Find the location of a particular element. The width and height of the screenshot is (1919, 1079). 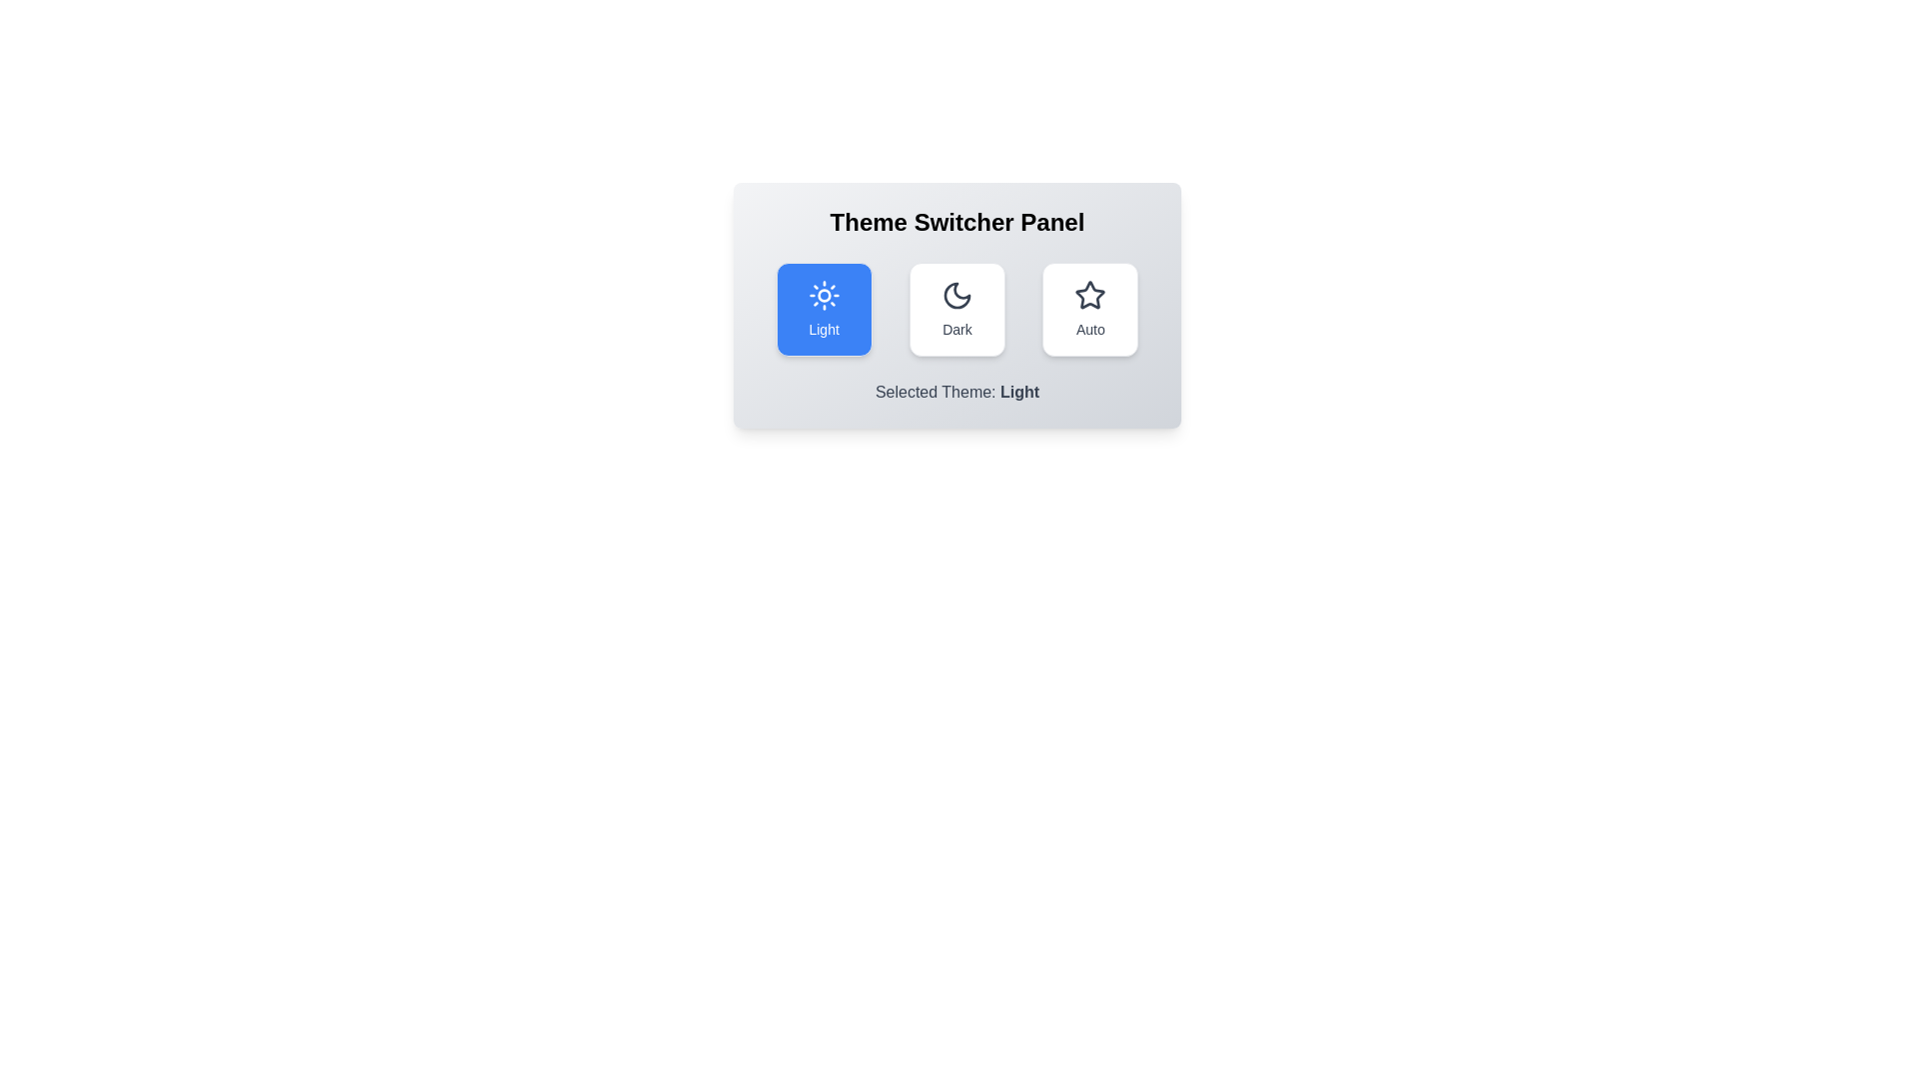

the 'Light' mode icon in the theme switcher interface is located at coordinates (824, 296).